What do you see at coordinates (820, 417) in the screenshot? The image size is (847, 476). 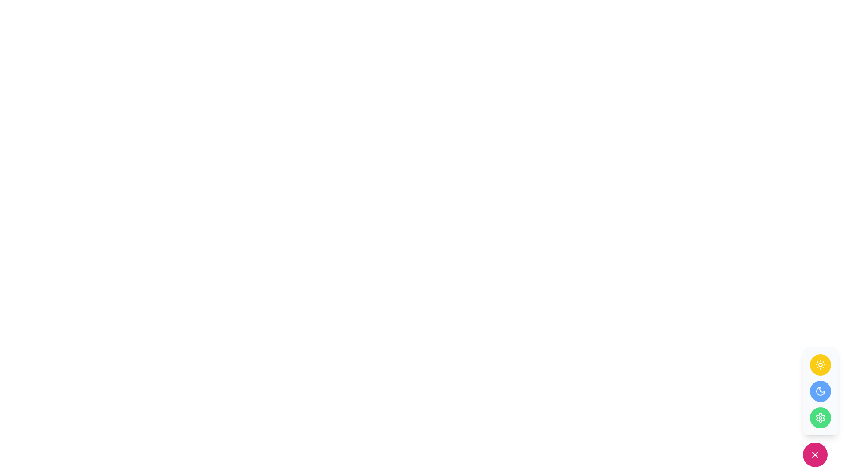 I see `the settings icon button located between the crescent moon icon and the 'X' symbol button` at bounding box center [820, 417].